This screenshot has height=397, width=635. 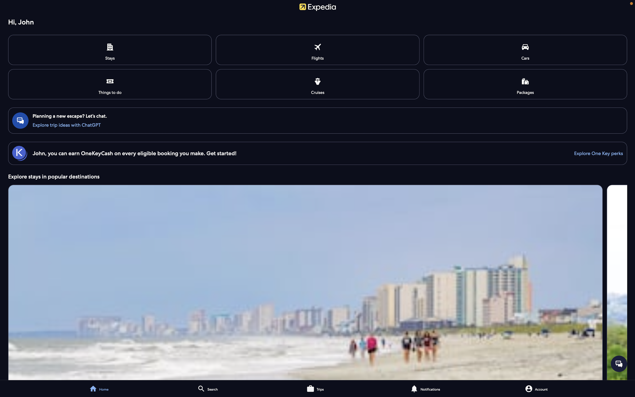 What do you see at coordinates (318, 124) in the screenshot?
I see `a conversation with the AI chatbot` at bounding box center [318, 124].